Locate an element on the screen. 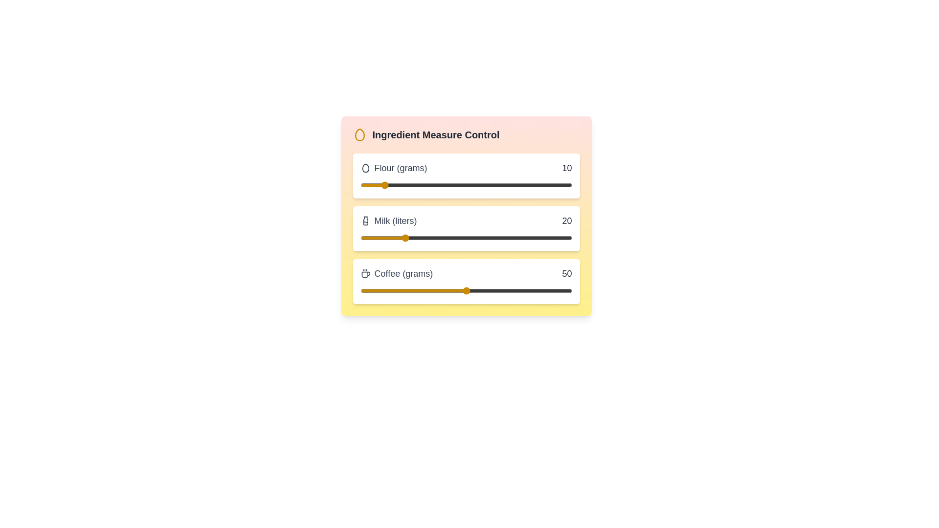  ingredient measurement is located at coordinates (498, 185).